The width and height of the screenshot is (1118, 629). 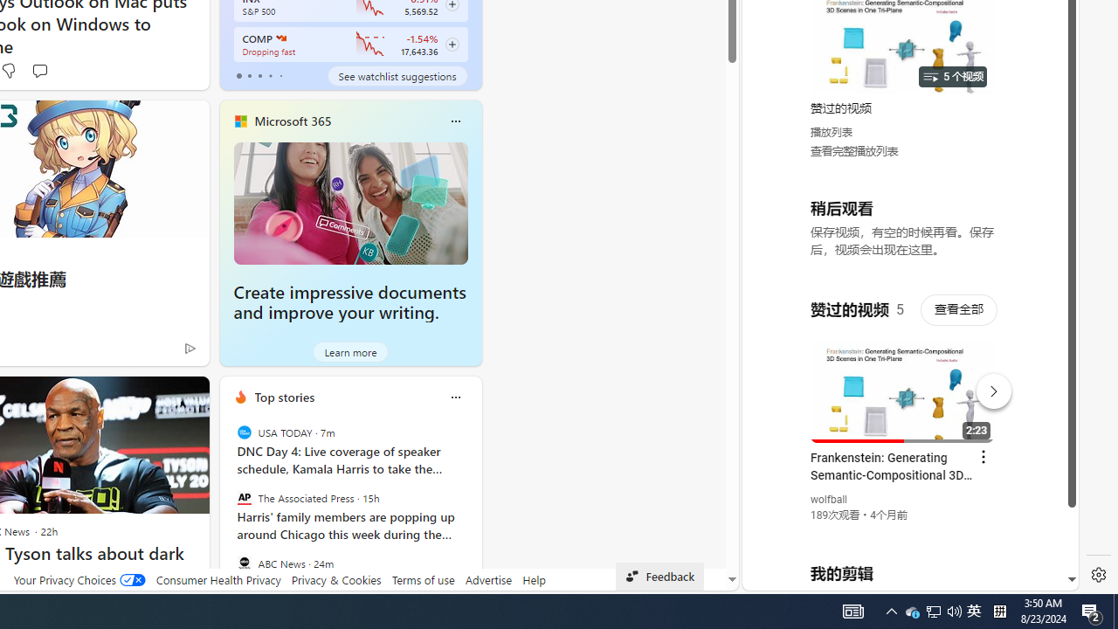 I want to click on 'tab-2', so click(x=259, y=75).